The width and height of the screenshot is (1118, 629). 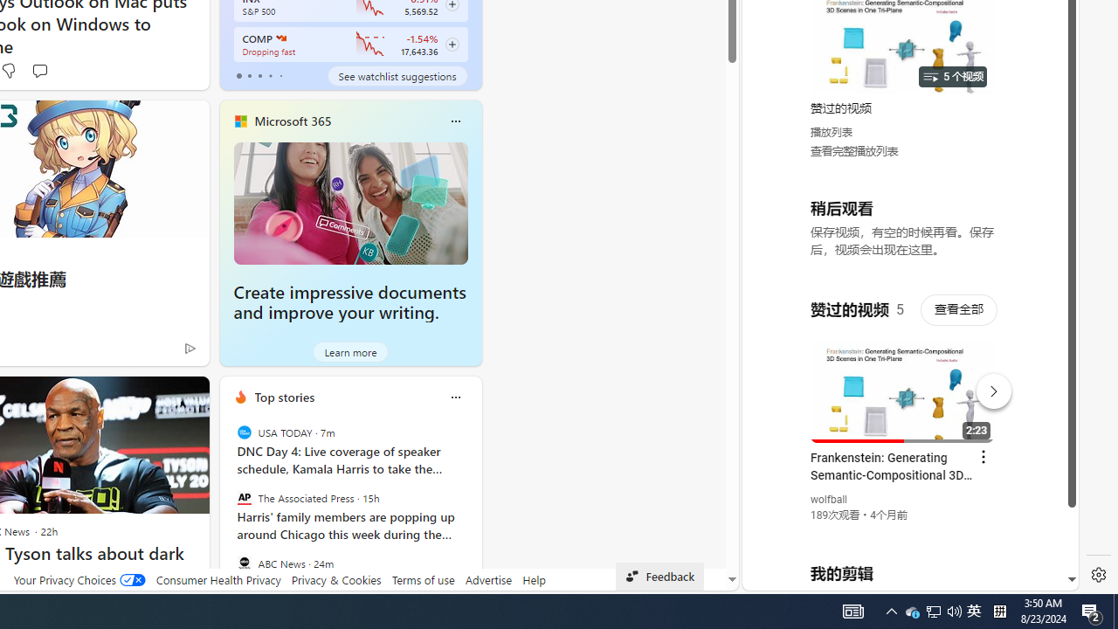 I want to click on 'tab-2', so click(x=259, y=75).